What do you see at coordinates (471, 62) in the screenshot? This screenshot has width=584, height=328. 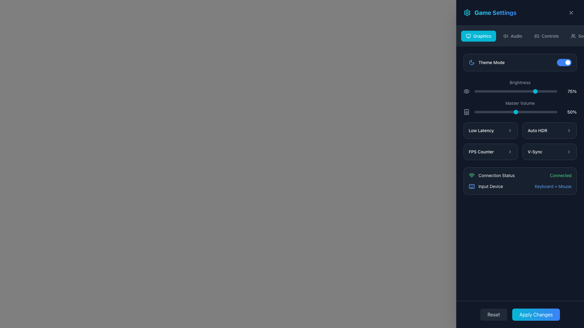 I see `the blue circular moon icon located in the 'Theme Mode' section, positioned to the left of the 'Theme Mode' text and the toggle switch` at bounding box center [471, 62].